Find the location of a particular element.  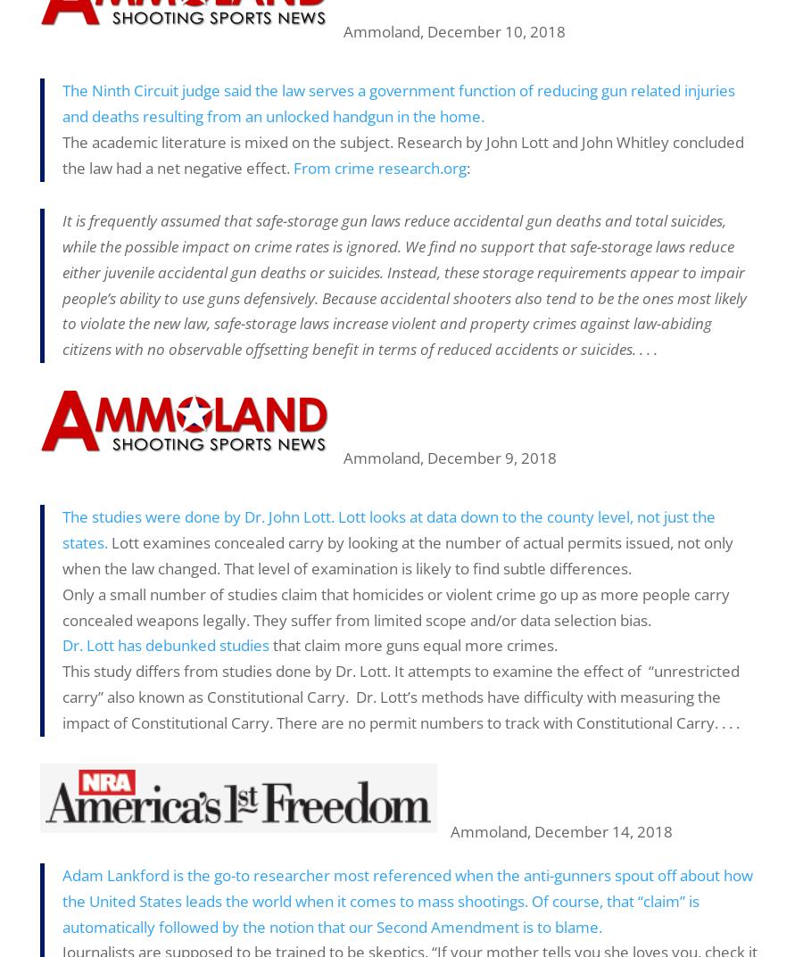

'It is frequently assumed that safe-storage gun laws reduce accidental gun deaths and total suicides, while the possible impact on crime rates is ignored. We find no support that safe-storage laws reduce either juvenile accidental gun deaths or suicides. Instead, these storage requirements appear to impair people’s ability to use guns defensively. Because accidental shooters also tend to be the ones most likely to violate the new law, safe-storage laws increase violent and property crimes against law-abiding citizens with no observable offsetting benefit in terms of reduced accidents or suicides. . . .' is located at coordinates (403, 285).